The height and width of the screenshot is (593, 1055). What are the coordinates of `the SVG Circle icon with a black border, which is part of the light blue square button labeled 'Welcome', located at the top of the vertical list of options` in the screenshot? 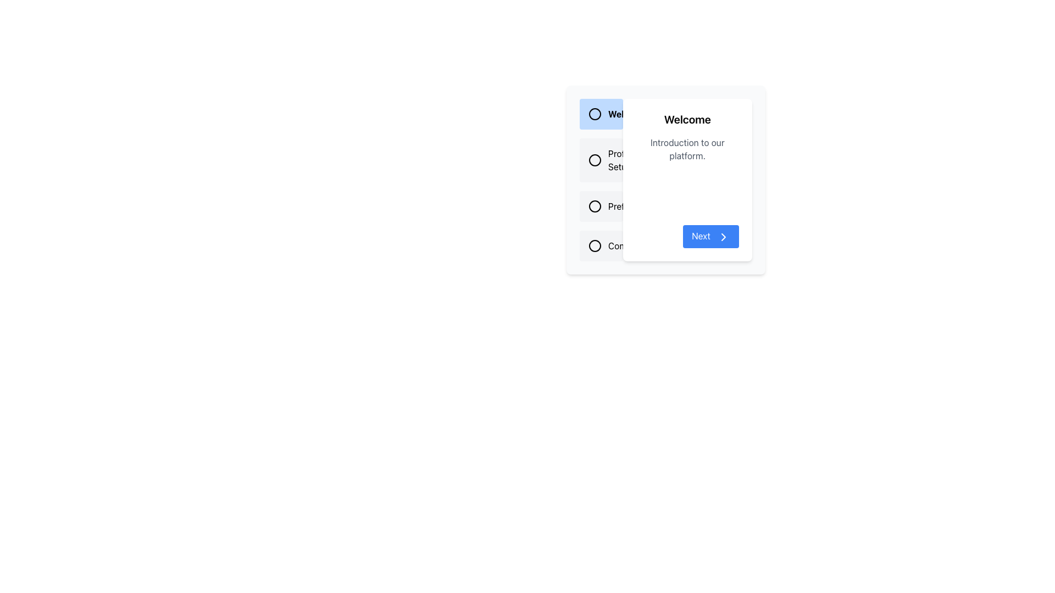 It's located at (595, 114).